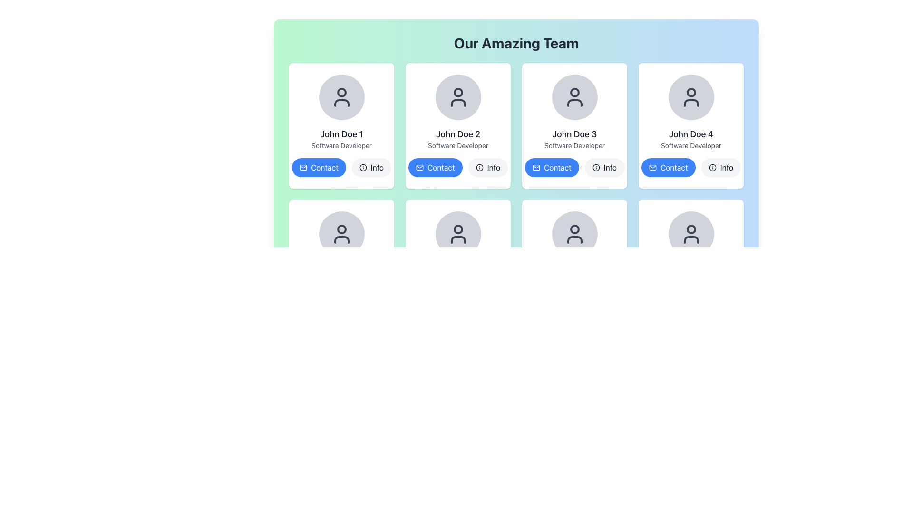 The image size is (913, 513). What do you see at coordinates (341, 93) in the screenshot?
I see `the SVG circle graphic that represents the head in the user profile icon, located in the top-left card of the grid layout above the text 'John Doe 1'` at bounding box center [341, 93].